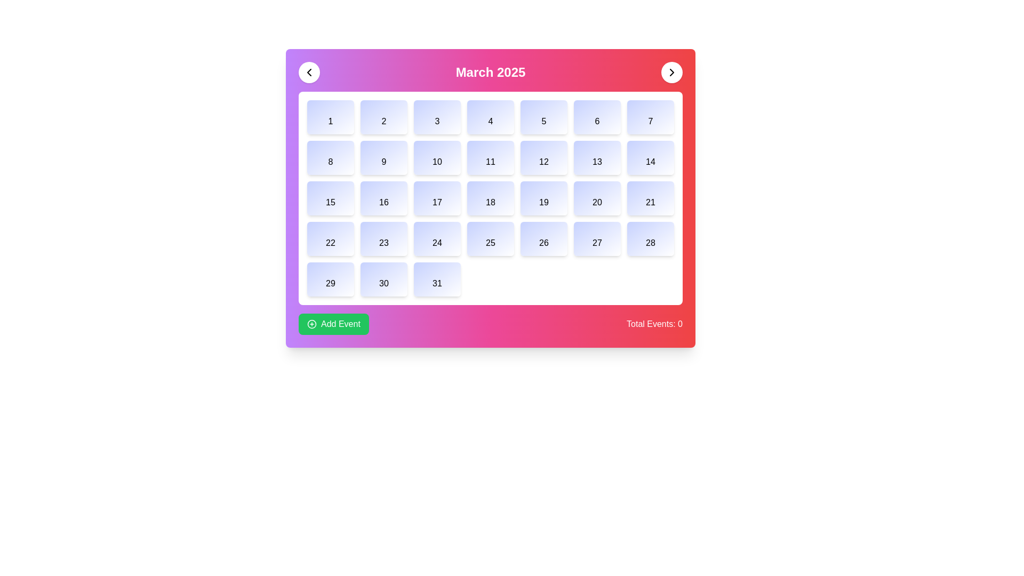  What do you see at coordinates (596, 238) in the screenshot?
I see `the date representation cell displaying '27' in the March 2025 calendar` at bounding box center [596, 238].